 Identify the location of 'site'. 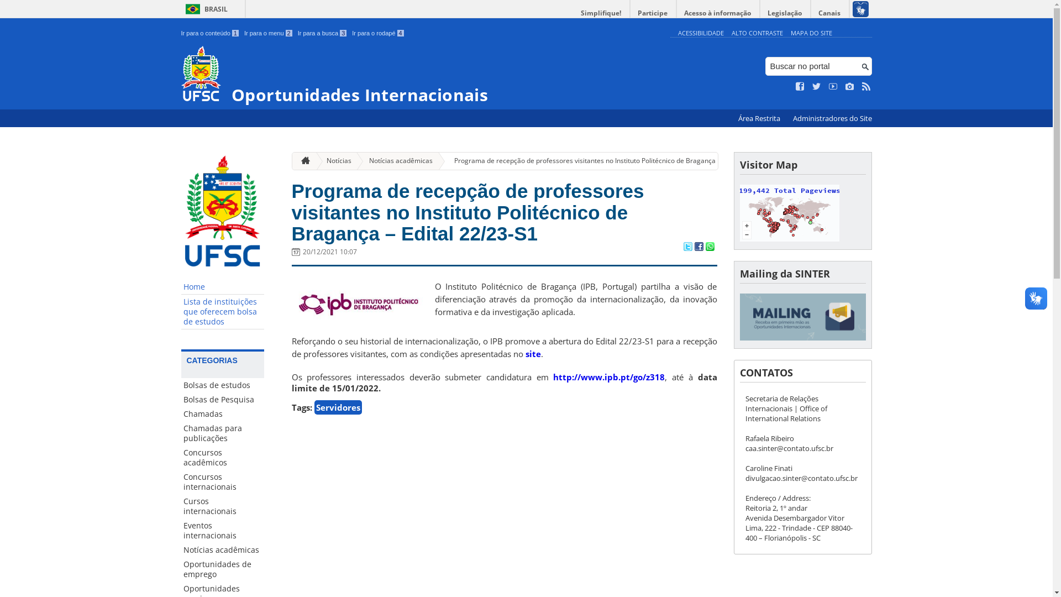
(533, 354).